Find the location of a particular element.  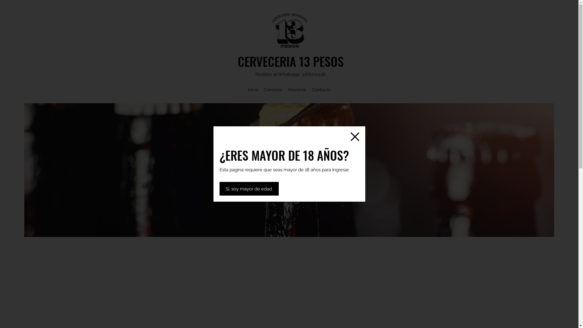

'Si, soy mayor de edad.' is located at coordinates (249, 188).